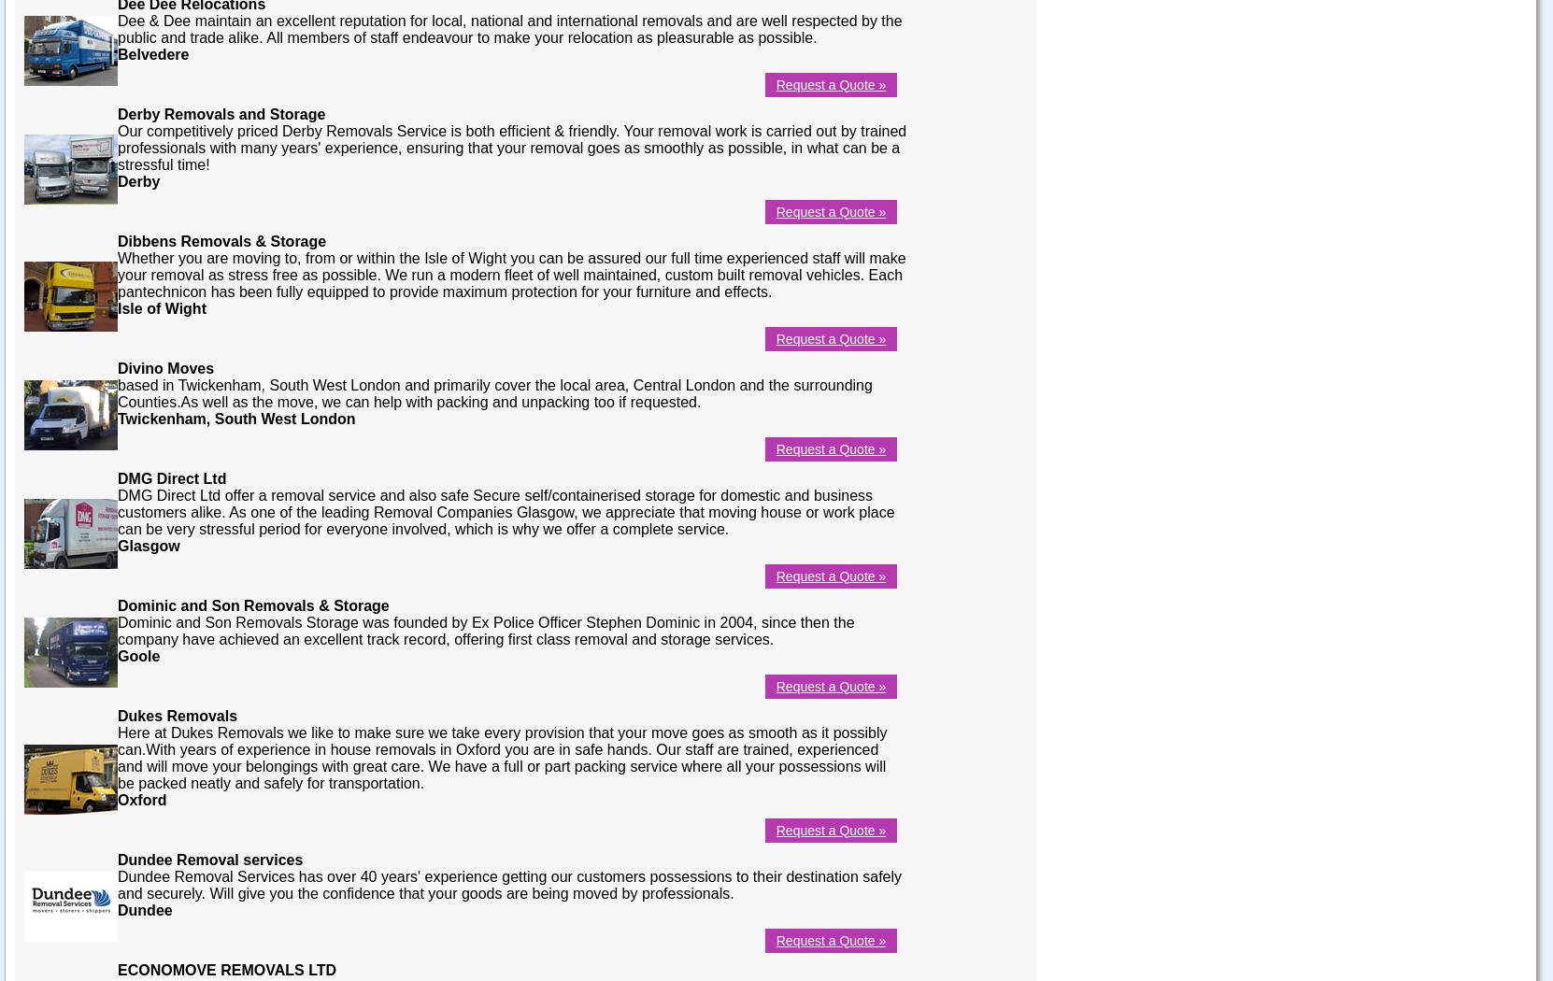 This screenshot has width=1553, height=981. I want to click on 'Dundee Removal services', so click(209, 859).